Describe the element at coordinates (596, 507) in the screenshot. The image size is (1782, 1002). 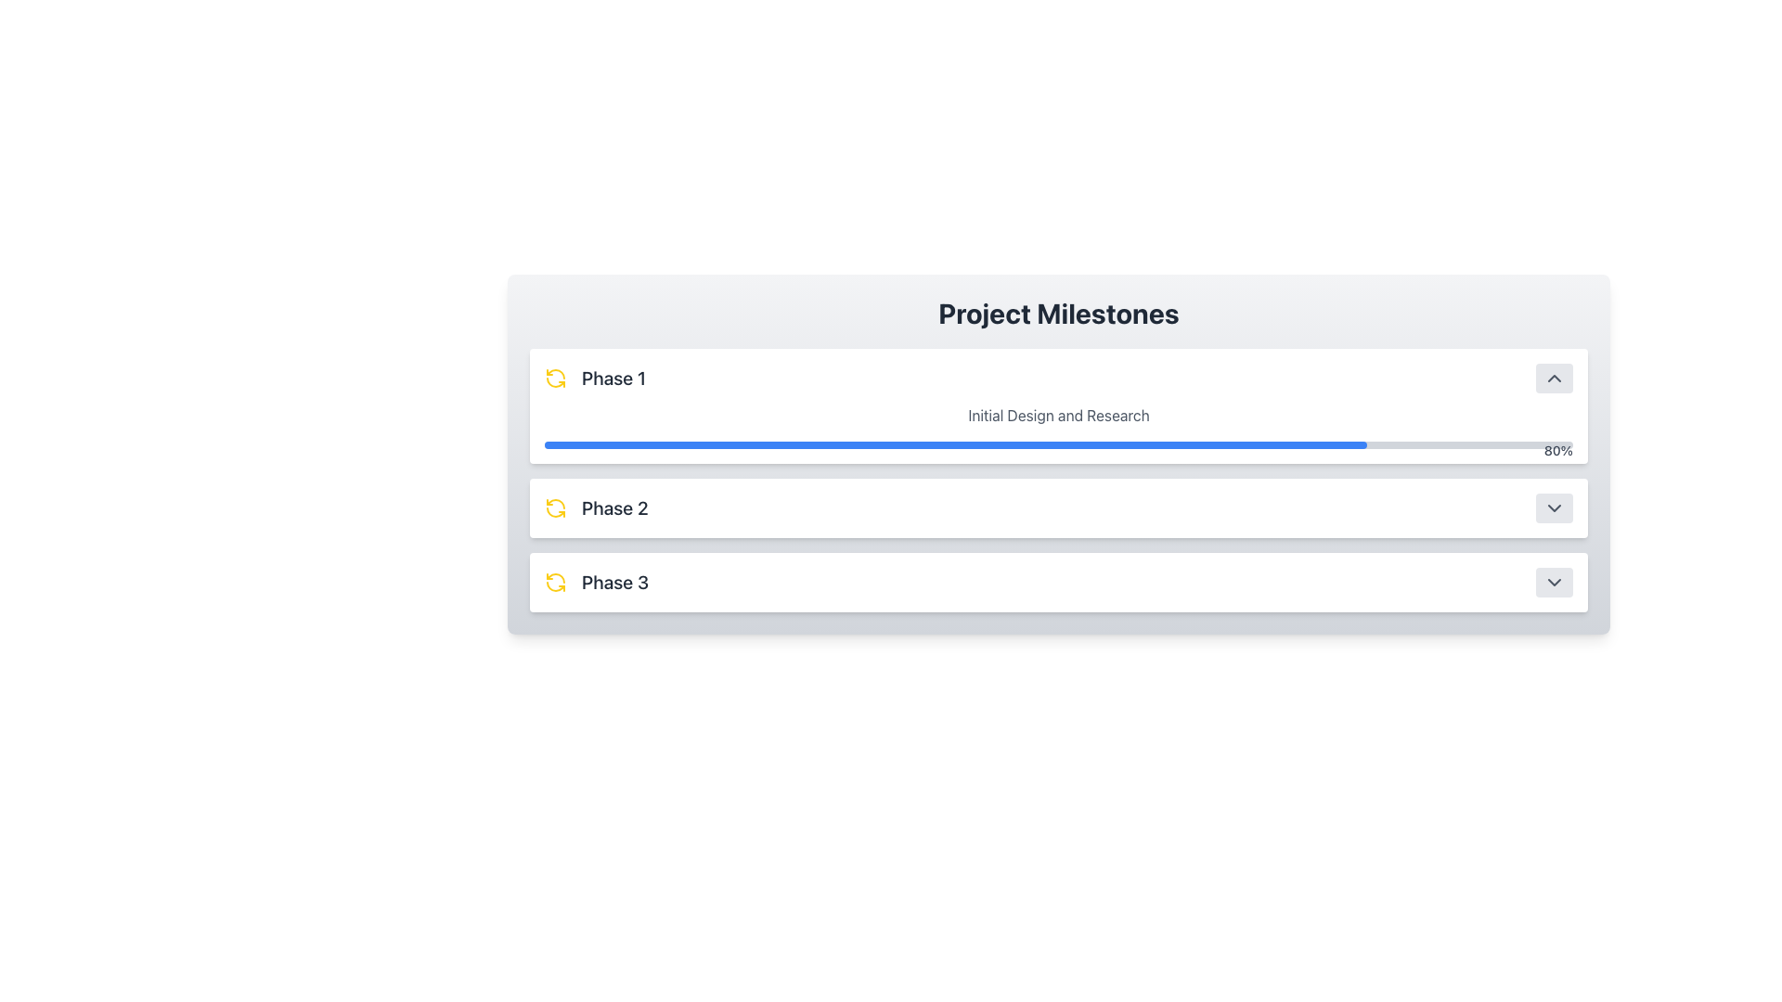
I see `the static text element displaying 'Phase 2' with a refresh icon, located in the project milestones list` at that location.